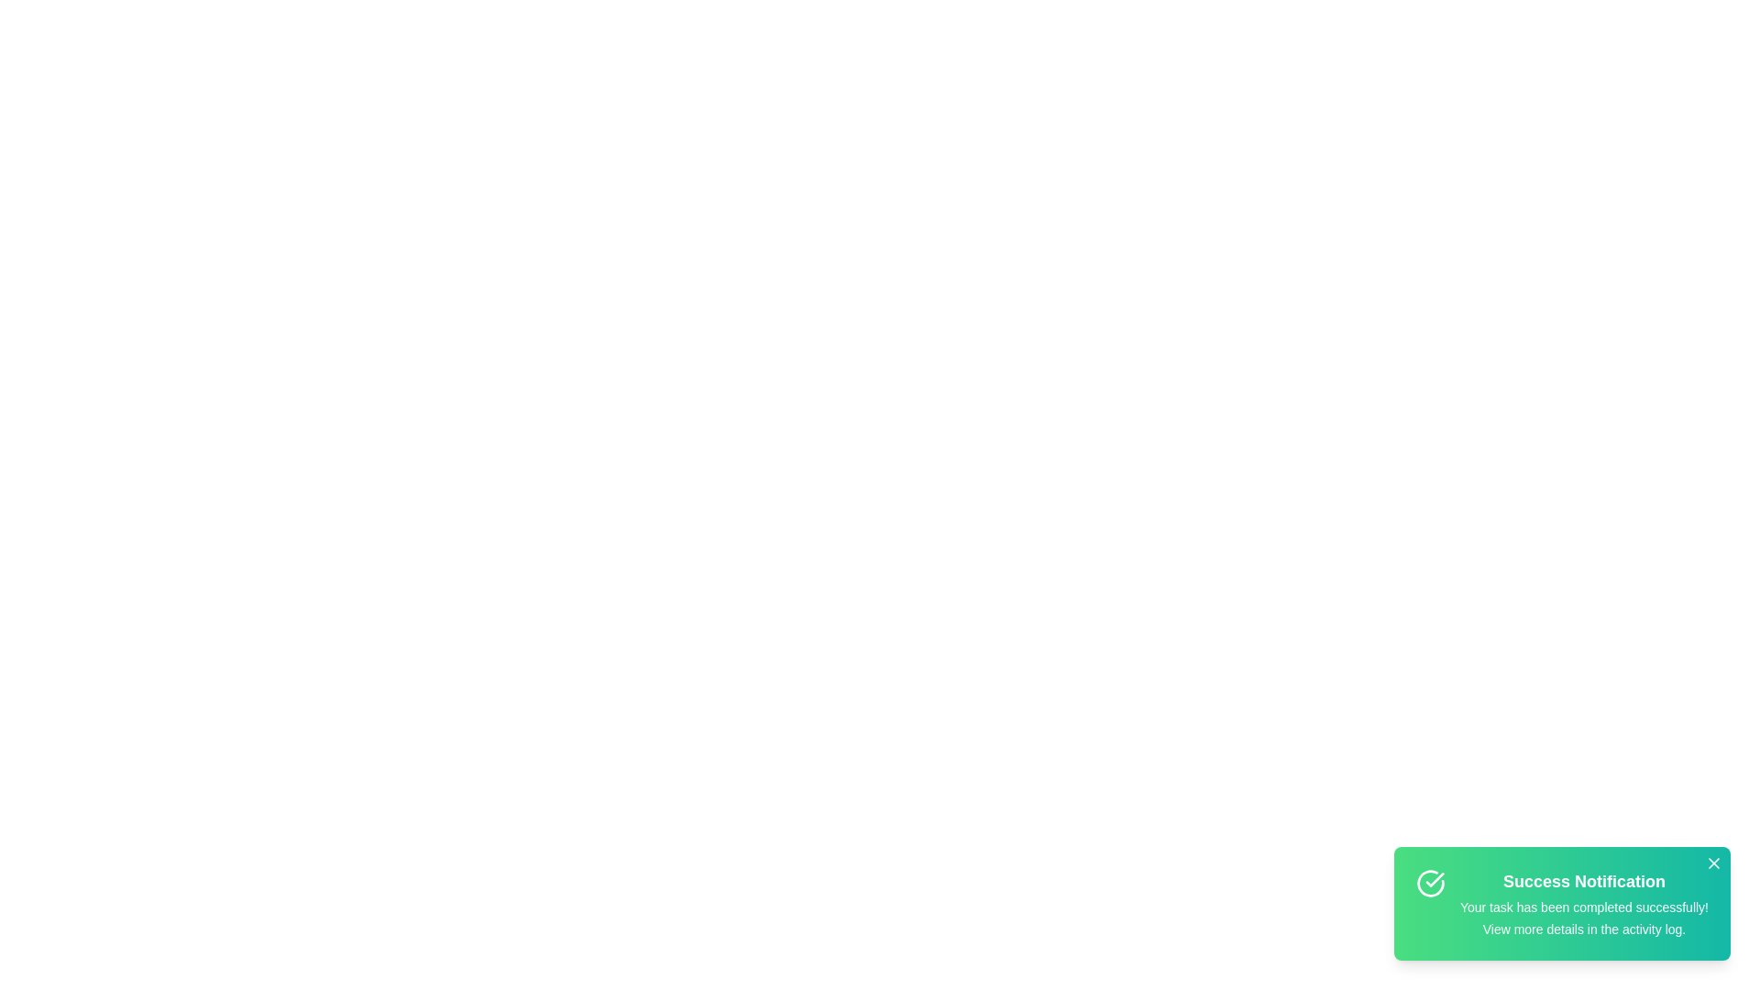 The image size is (1760, 990). I want to click on close button on the notification, so click(1713, 863).